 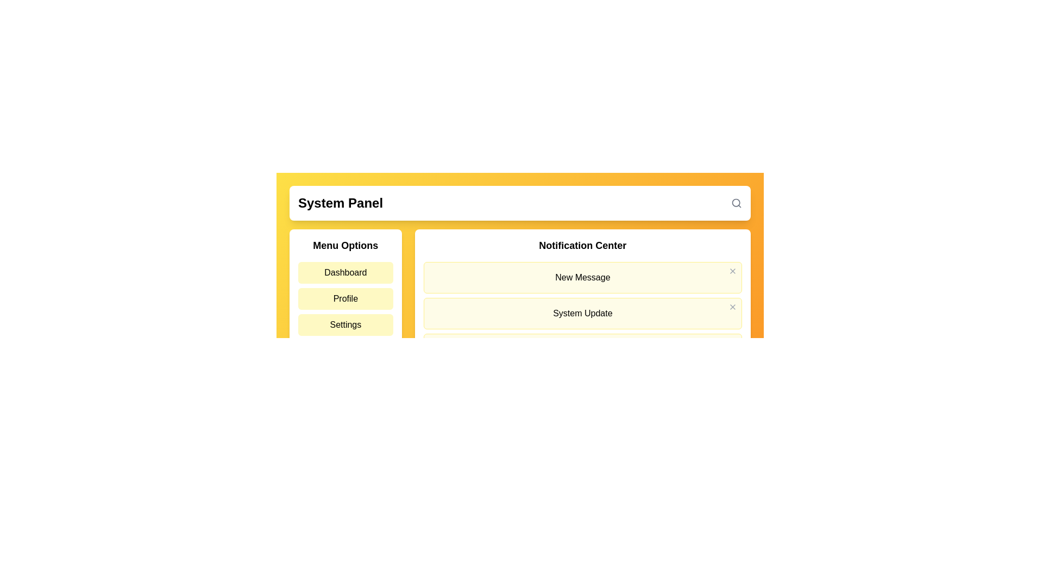 What do you see at coordinates (582, 302) in the screenshot?
I see `the notification card labeled 'System Update' in the second column of the 'Notification Center'` at bounding box center [582, 302].